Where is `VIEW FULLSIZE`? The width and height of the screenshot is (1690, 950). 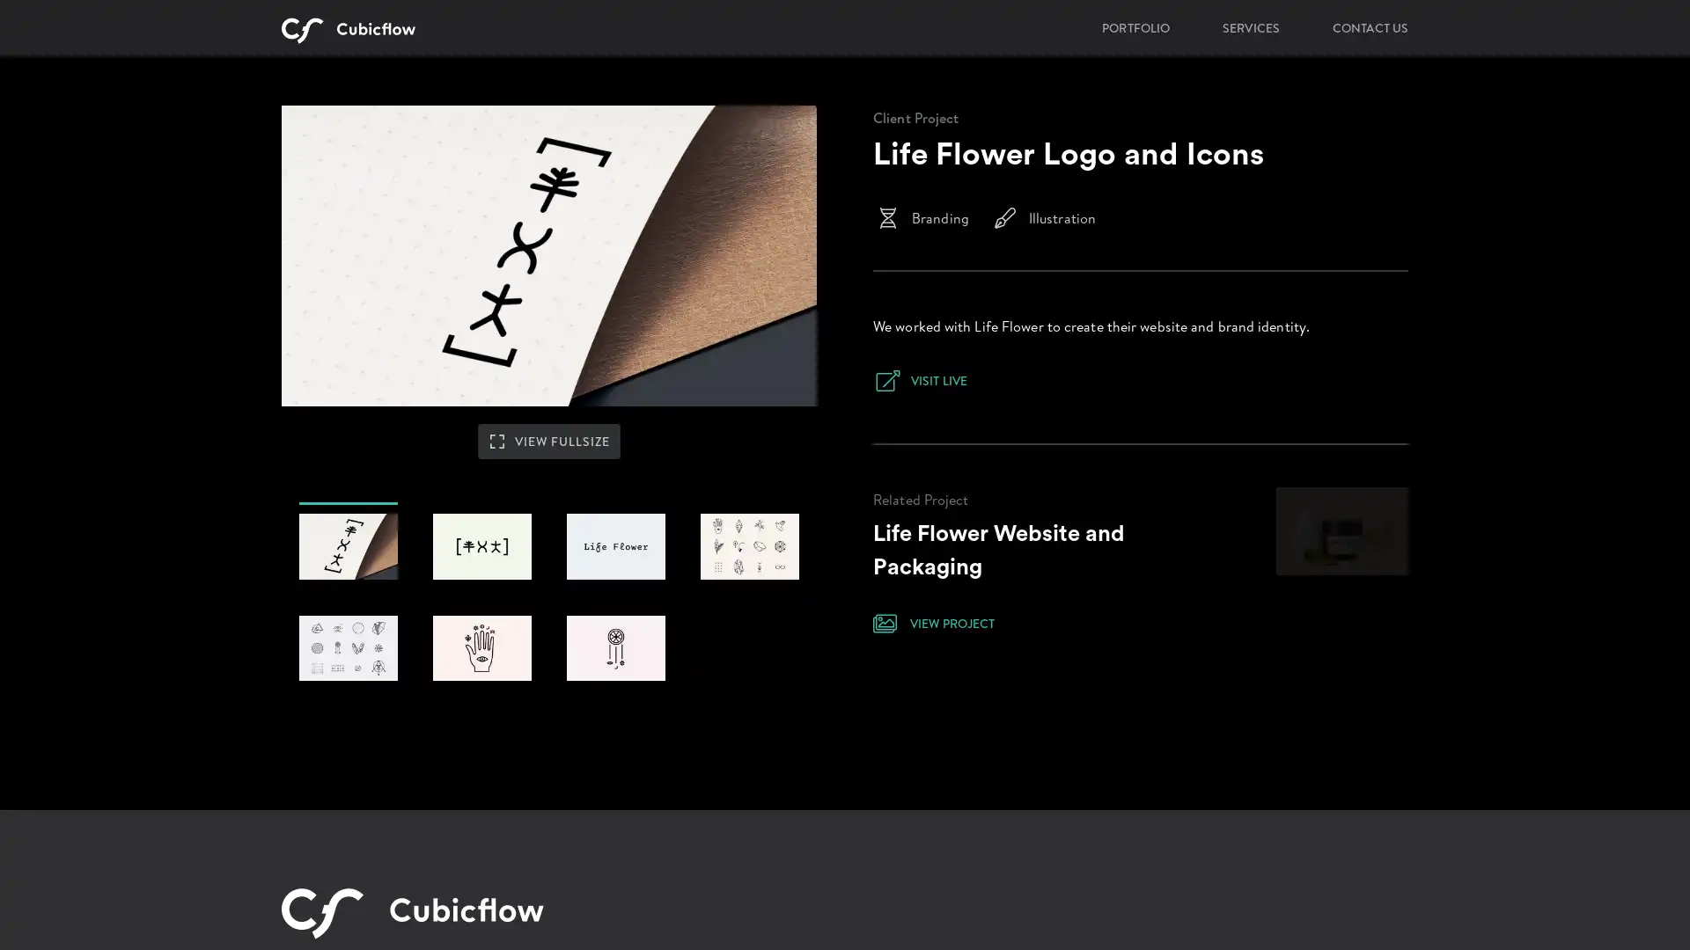 VIEW FULLSIZE is located at coordinates (548, 496).